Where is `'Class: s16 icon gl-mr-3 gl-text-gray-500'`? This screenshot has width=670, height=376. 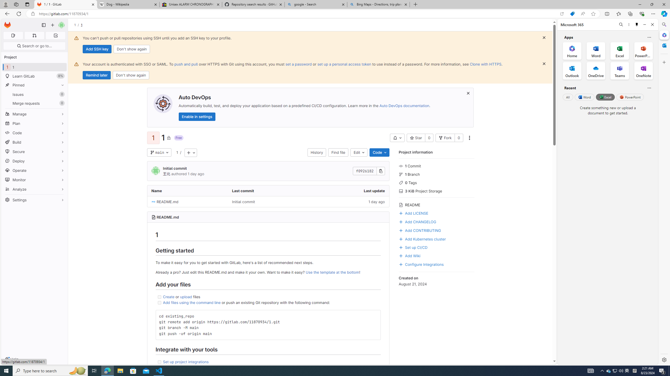 'Class: s16 icon gl-mr-3 gl-text-gray-500' is located at coordinates (401, 205).